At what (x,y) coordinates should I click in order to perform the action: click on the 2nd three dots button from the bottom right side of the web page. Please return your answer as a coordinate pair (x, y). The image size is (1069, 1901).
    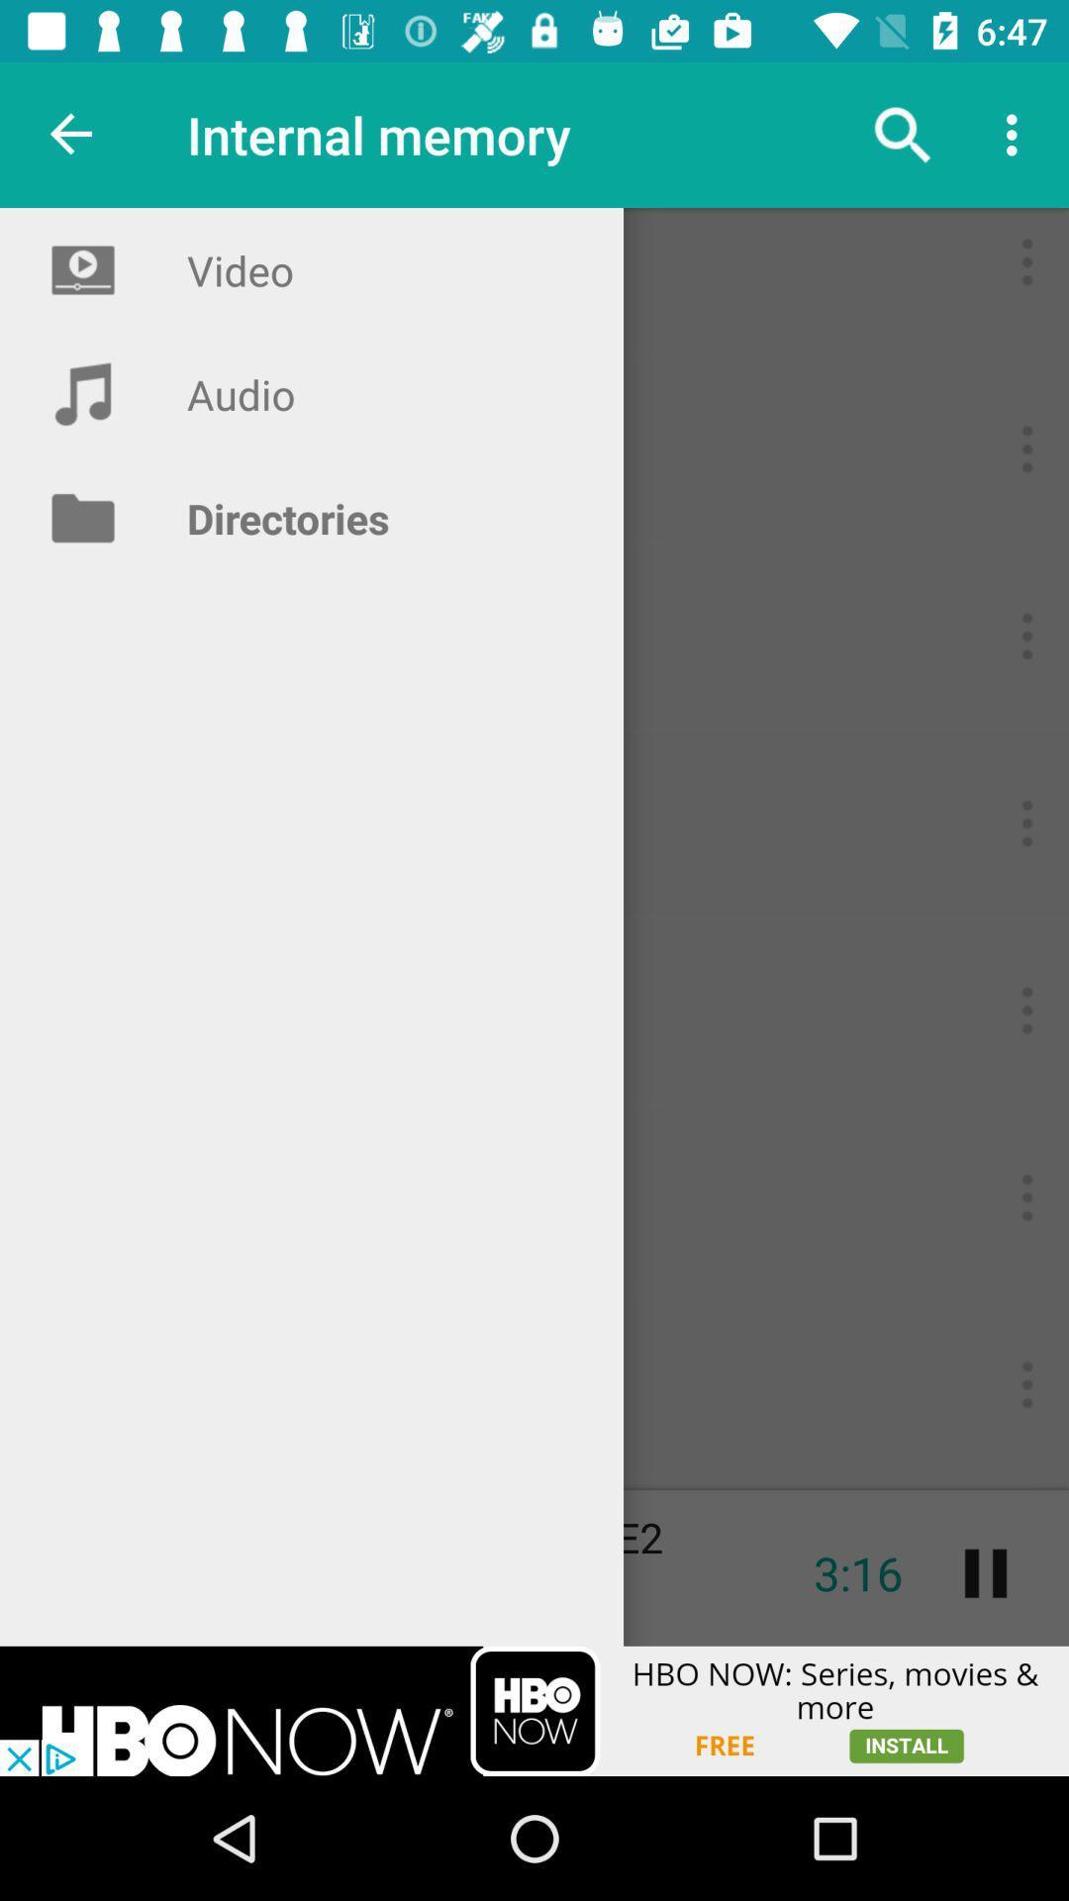
    Looking at the image, I should click on (1025, 1196).